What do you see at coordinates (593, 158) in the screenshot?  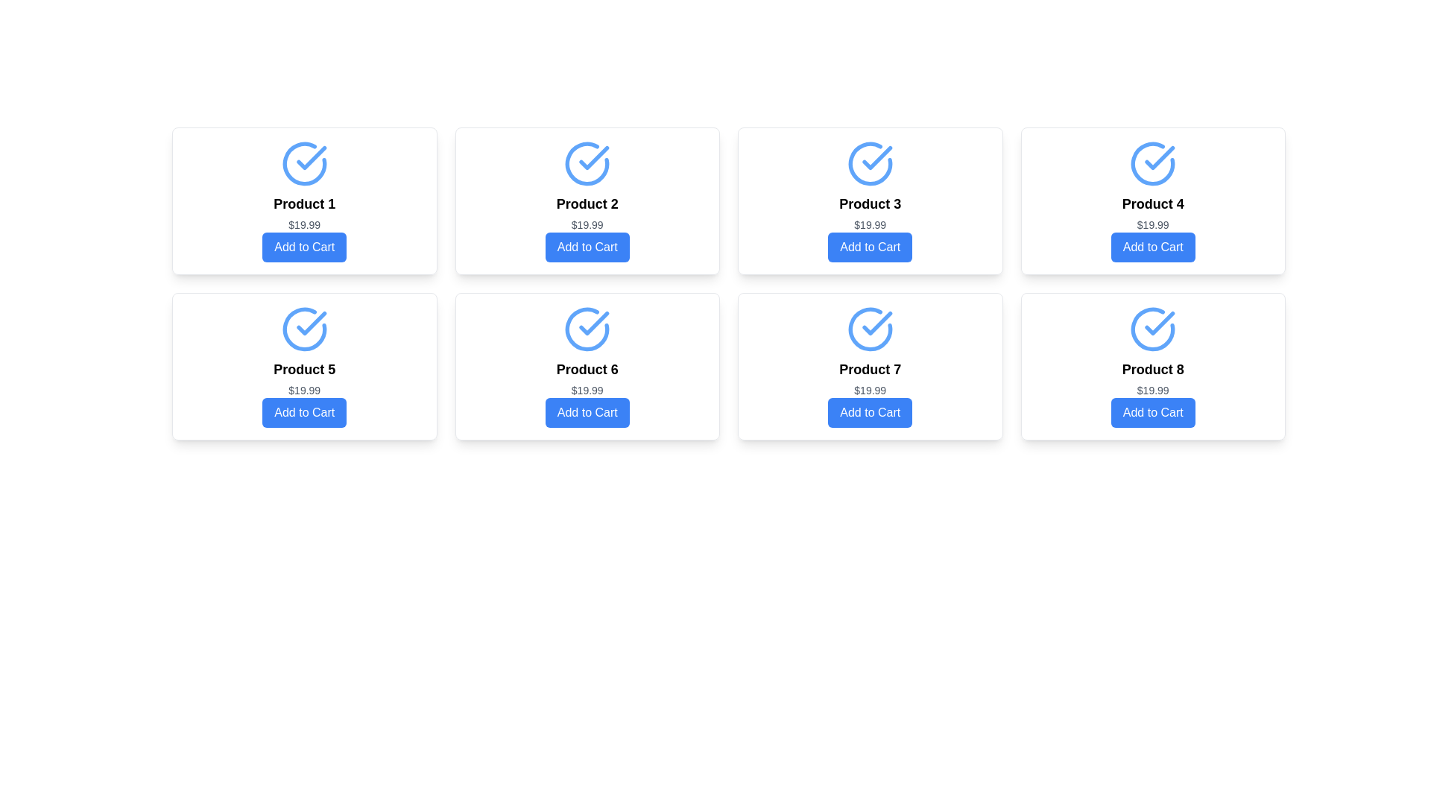 I see `the Iconographic SVG graphic with a checkmark design located on the 'Product 2' card in the top row of the grid layout` at bounding box center [593, 158].